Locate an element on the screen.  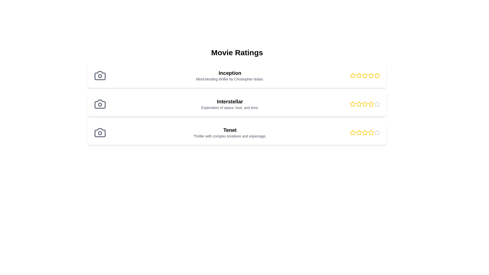
the fifth unselected star icon in the star rating system for the movie 'Interstellar' is located at coordinates (377, 104).